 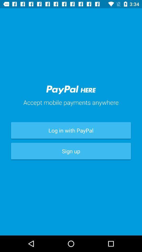 What do you see at coordinates (71, 130) in the screenshot?
I see `the log in with item` at bounding box center [71, 130].